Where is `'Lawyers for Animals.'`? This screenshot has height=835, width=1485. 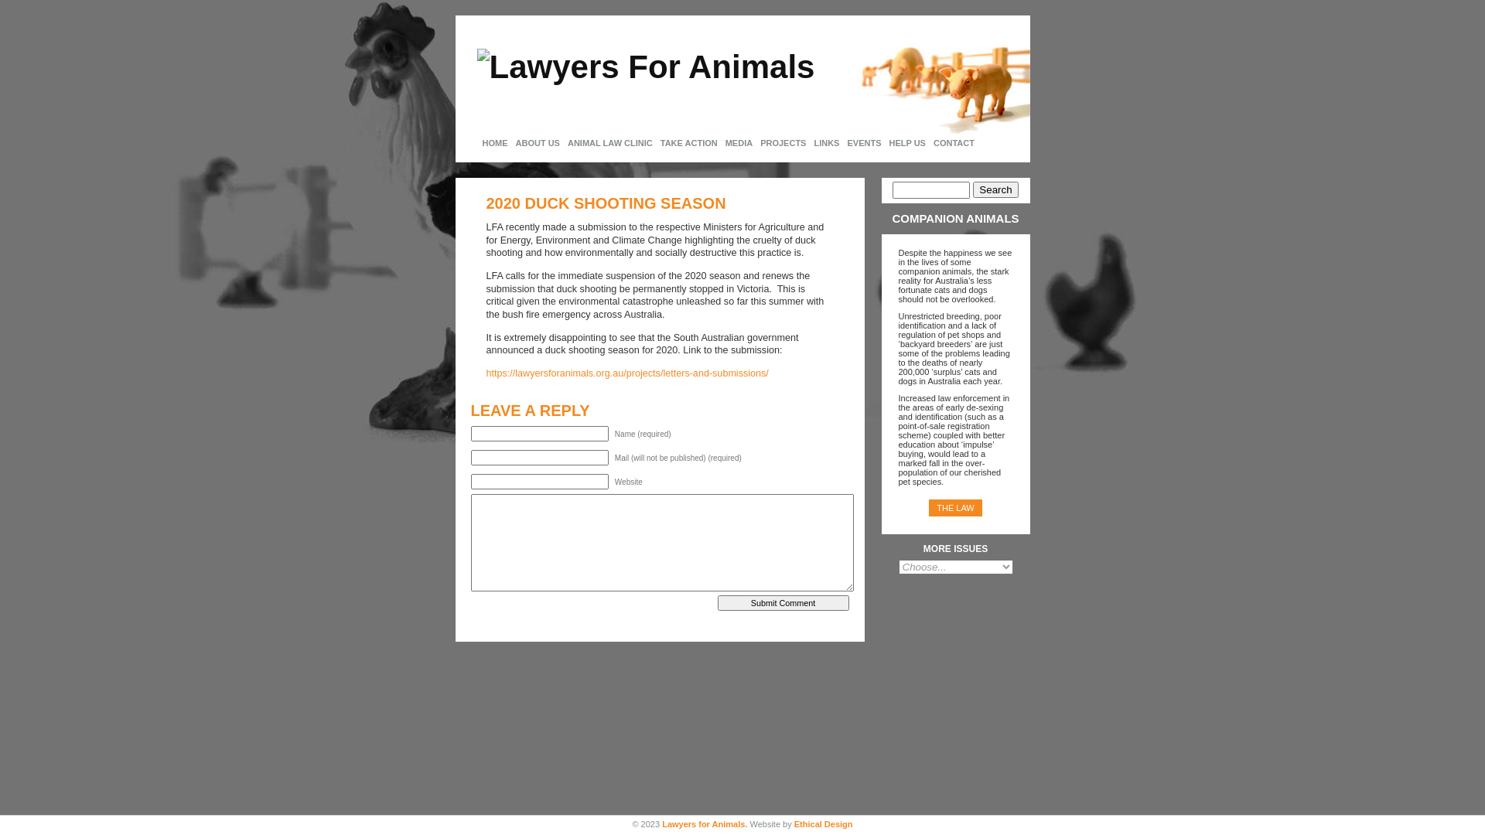
'Lawyers for Animals.' is located at coordinates (704, 823).